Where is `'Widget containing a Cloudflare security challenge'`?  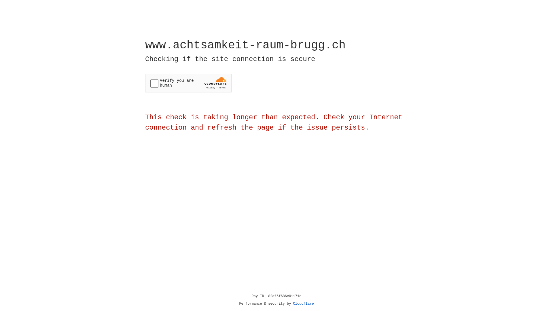 'Widget containing a Cloudflare security challenge' is located at coordinates (188, 83).